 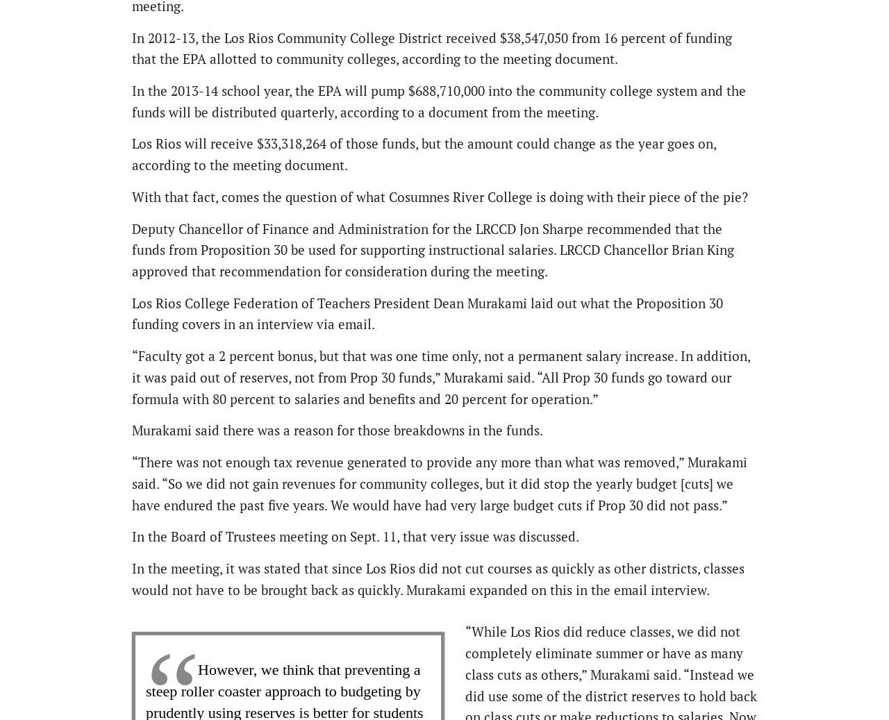 I want to click on 'In the Board of Trustees meeting on Sept. 11, that very issue was discussed.', so click(x=356, y=536).